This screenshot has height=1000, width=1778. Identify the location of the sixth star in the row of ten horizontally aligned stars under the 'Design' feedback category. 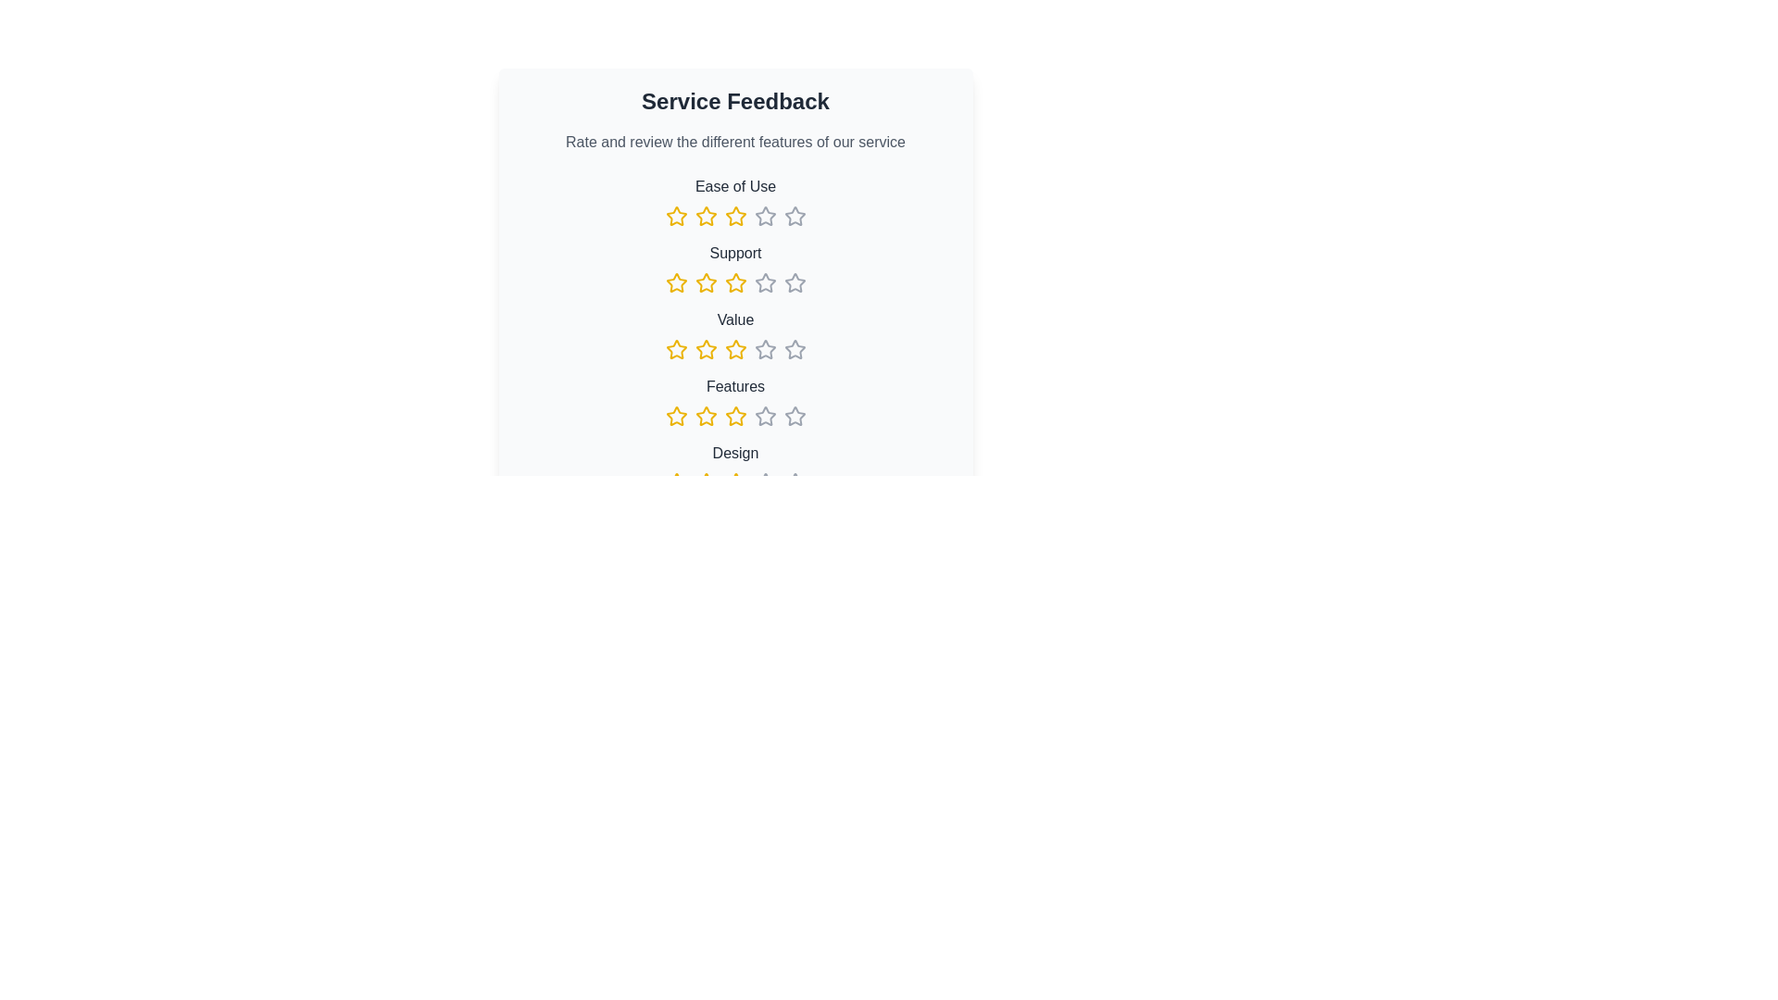
(765, 481).